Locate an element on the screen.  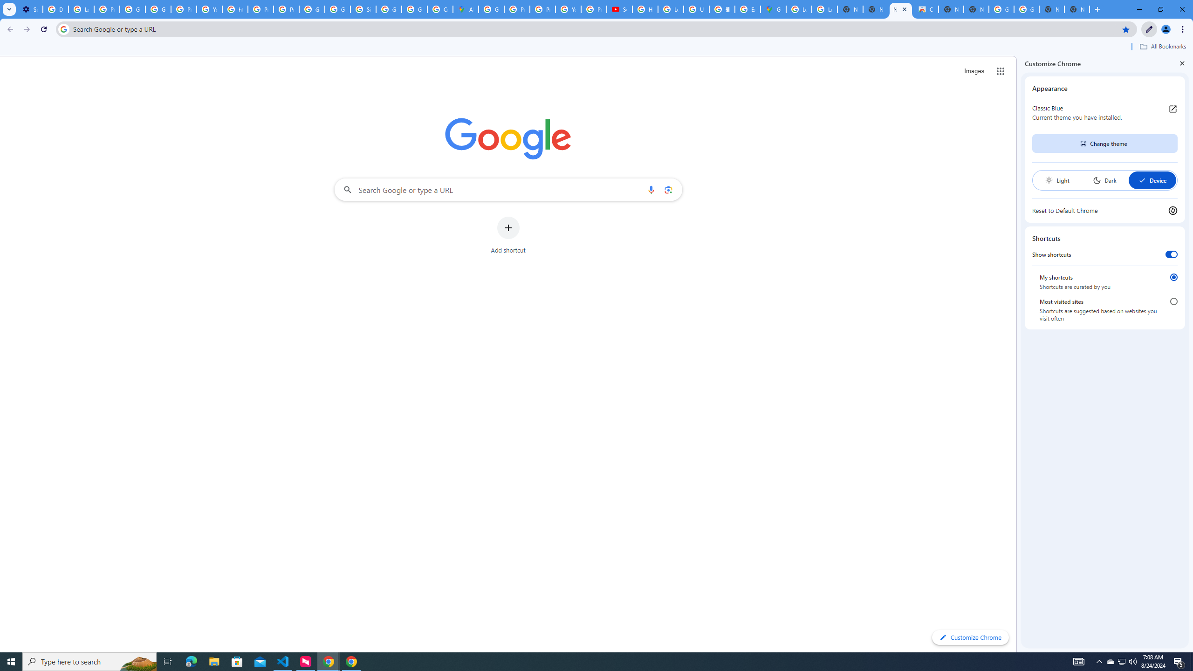
'Privacy Help Center - Policies Help' is located at coordinates (542, 9).